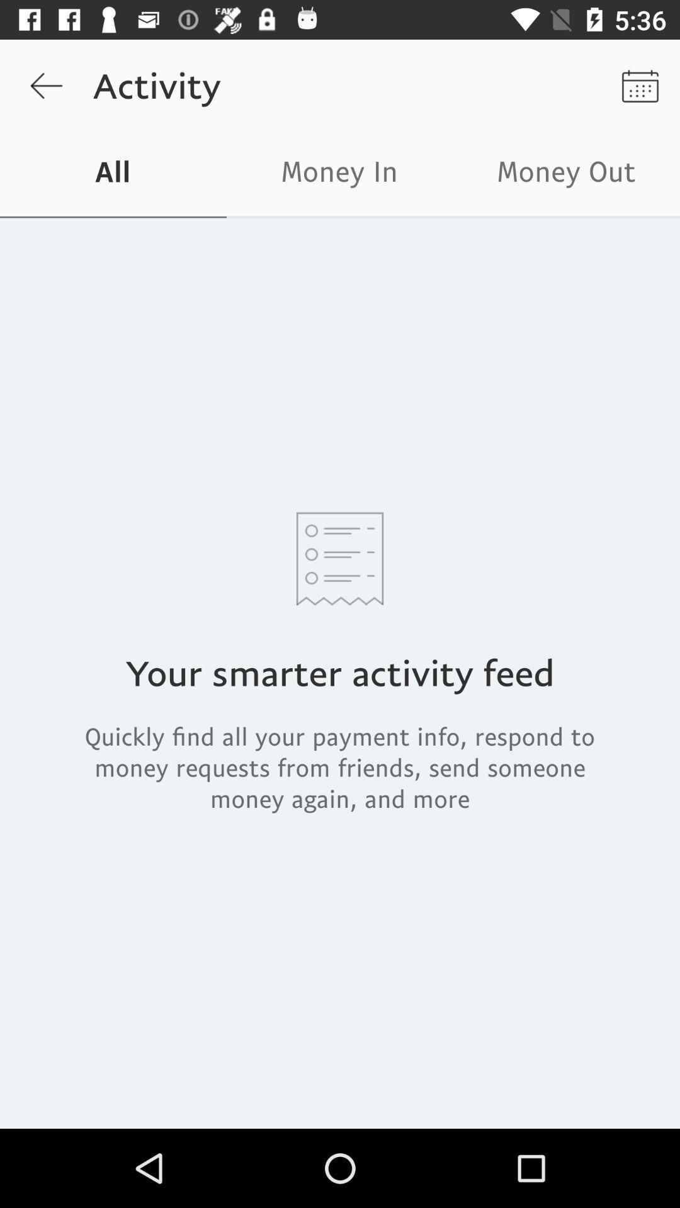  I want to click on the item to the left of activity item, so click(45, 85).